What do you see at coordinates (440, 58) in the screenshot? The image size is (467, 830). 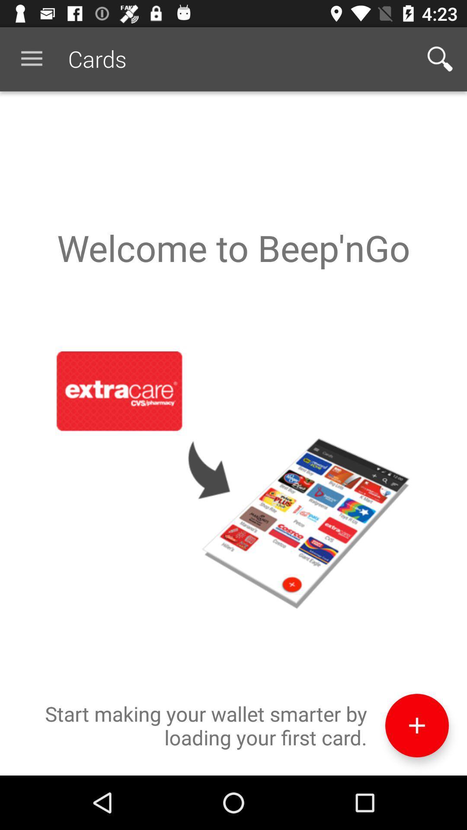 I see `icon at the top right corner` at bounding box center [440, 58].